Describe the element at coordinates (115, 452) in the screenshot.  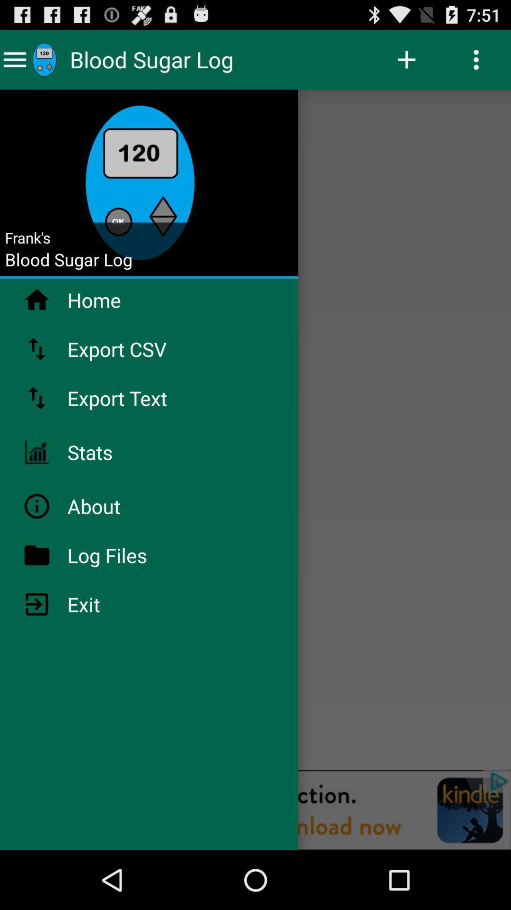
I see `item below export text icon` at that location.